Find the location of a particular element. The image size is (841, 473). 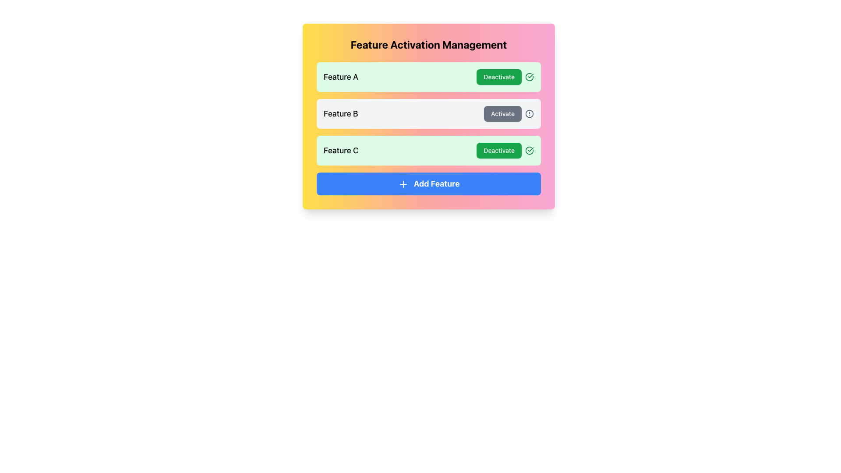

the circular green checkmark icon with an embedded checkmark, located in the 'Feature C' row to the right of the 'Deactivate' button is located at coordinates (529, 76).